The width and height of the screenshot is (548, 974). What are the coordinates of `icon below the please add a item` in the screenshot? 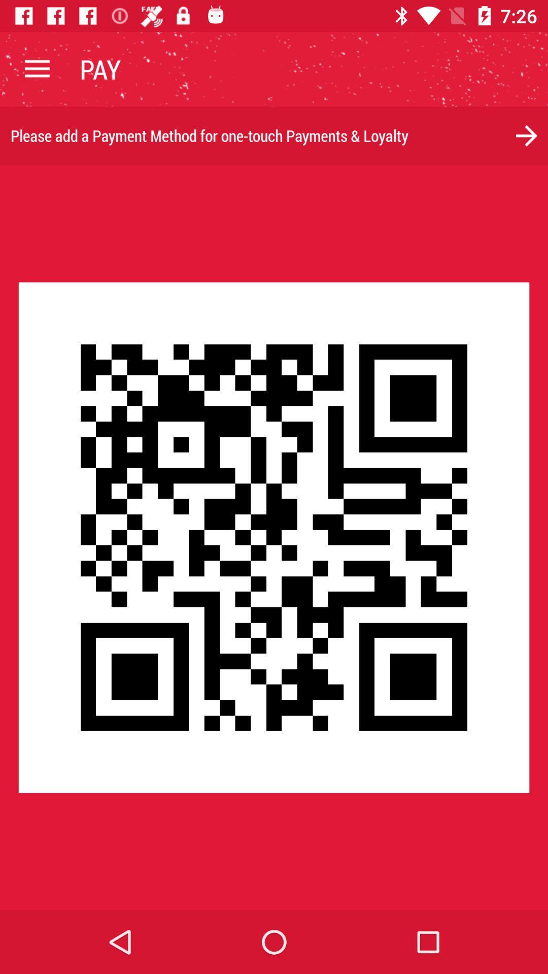 It's located at (274, 537).